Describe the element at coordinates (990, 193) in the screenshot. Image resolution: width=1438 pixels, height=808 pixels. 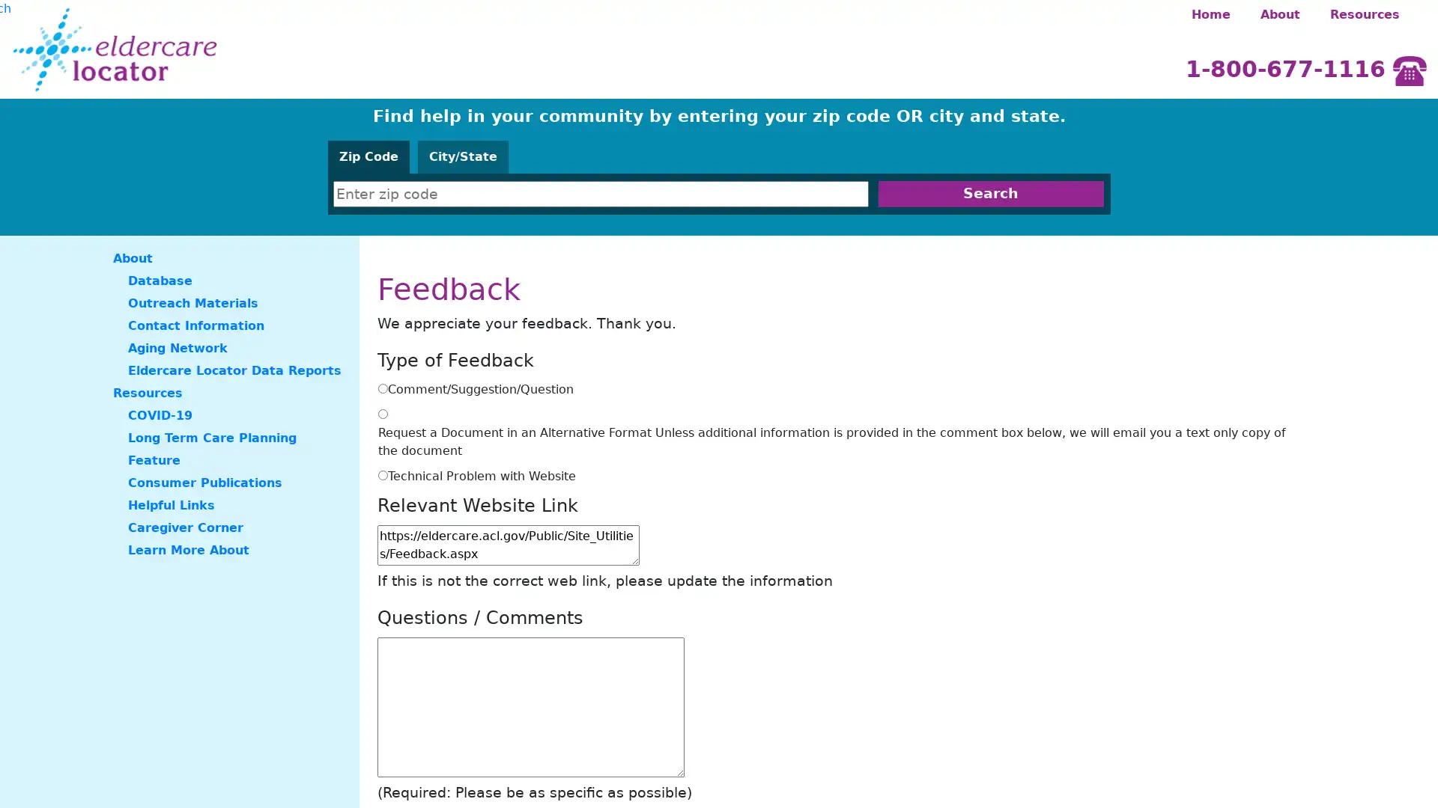
I see `Search` at that location.